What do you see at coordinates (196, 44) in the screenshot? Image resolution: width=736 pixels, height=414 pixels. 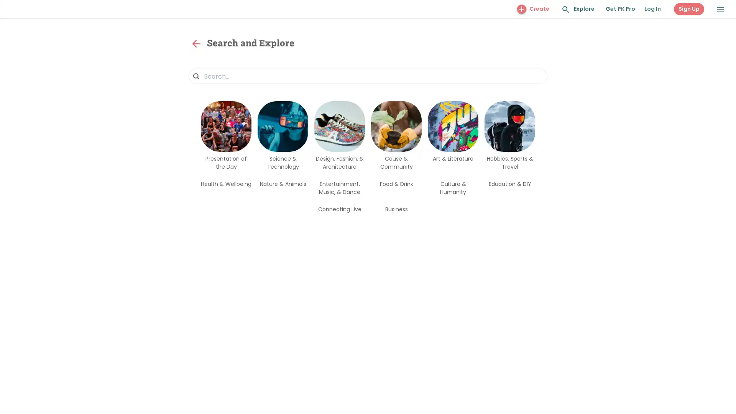 I see `Back` at bounding box center [196, 44].